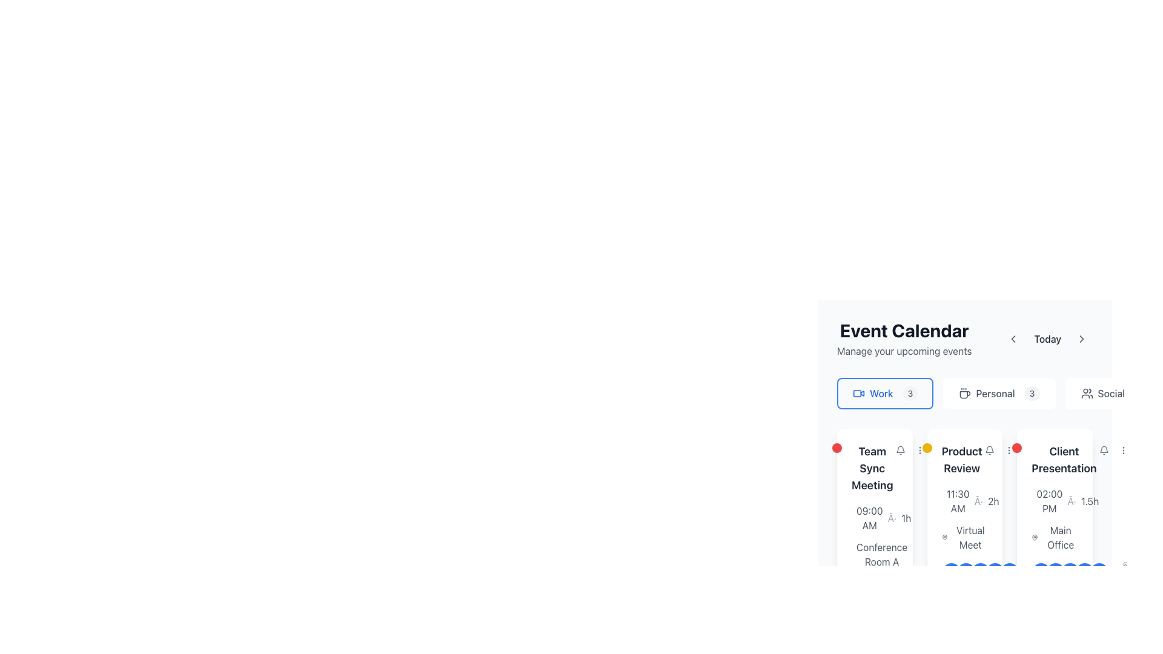  What do you see at coordinates (1087, 394) in the screenshot?
I see `the group feature icon located to the right of the 'Social 3' button, which indicates a social aspect or multiple users` at bounding box center [1087, 394].